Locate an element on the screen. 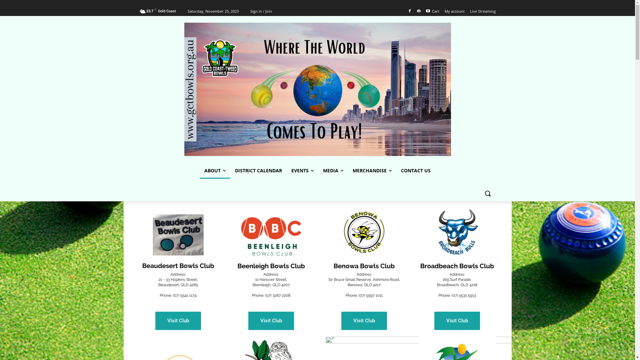  'Visit Club' is located at coordinates (248, 320).